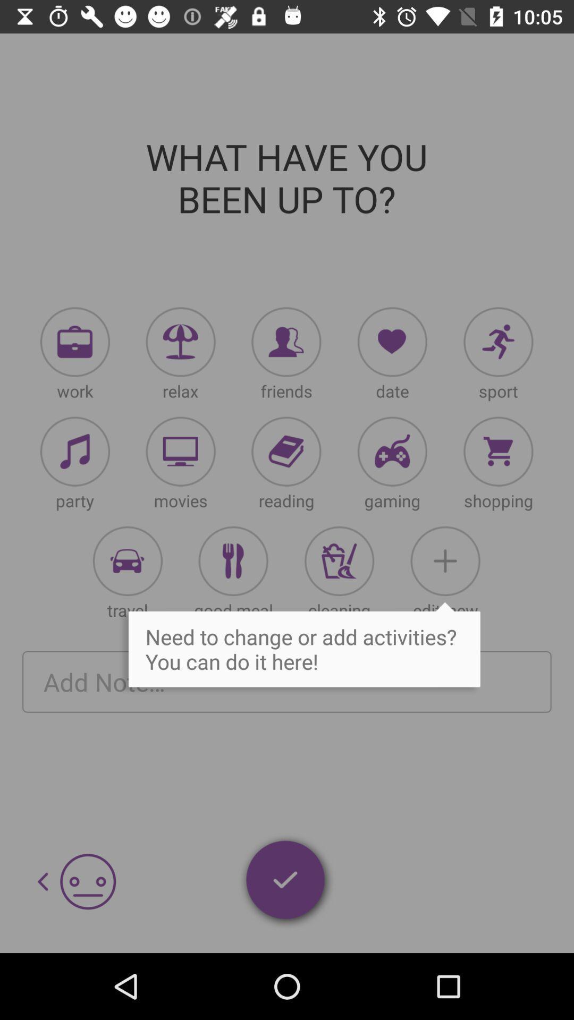 This screenshot has height=1020, width=574. What do you see at coordinates (339, 560) in the screenshot?
I see `beverage icon` at bounding box center [339, 560].